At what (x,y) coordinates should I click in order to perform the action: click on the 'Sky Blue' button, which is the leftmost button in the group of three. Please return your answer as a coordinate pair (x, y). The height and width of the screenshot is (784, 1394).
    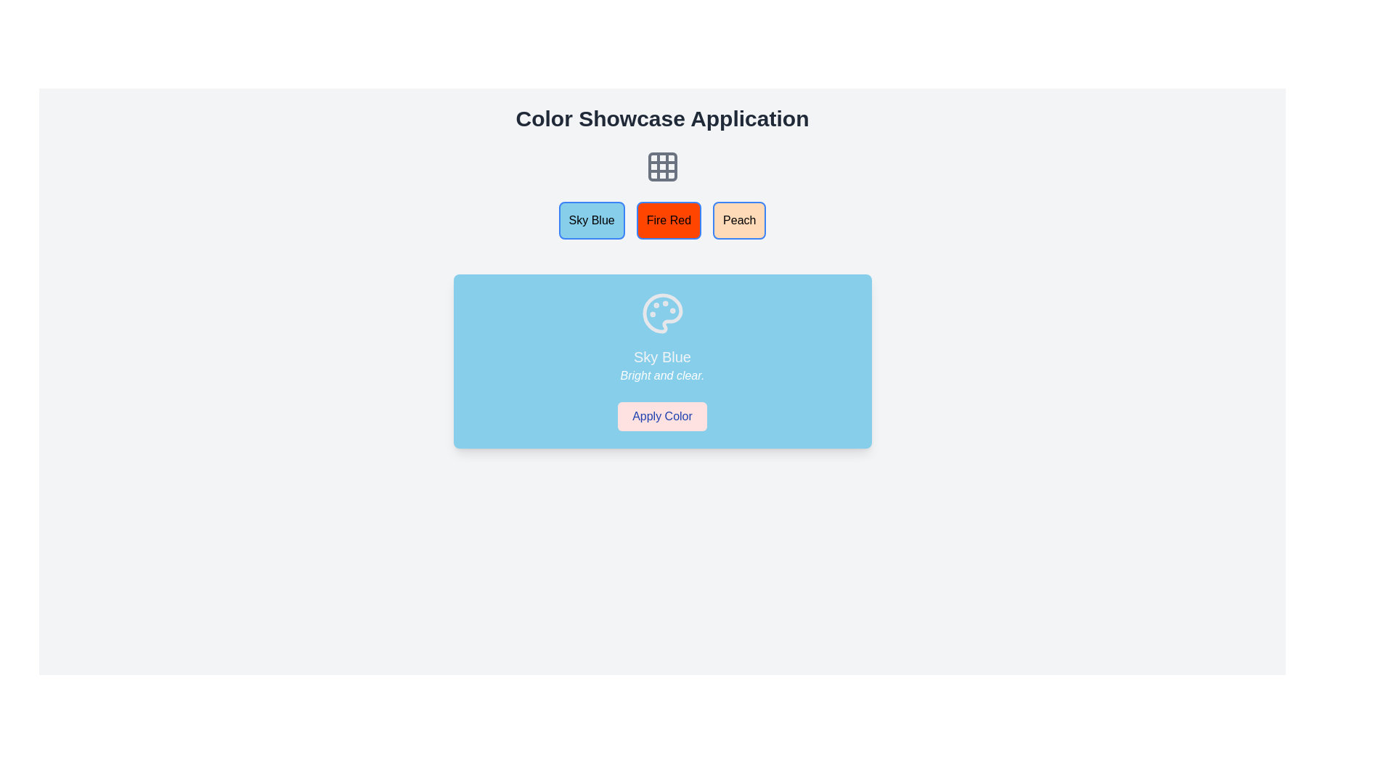
    Looking at the image, I should click on (592, 221).